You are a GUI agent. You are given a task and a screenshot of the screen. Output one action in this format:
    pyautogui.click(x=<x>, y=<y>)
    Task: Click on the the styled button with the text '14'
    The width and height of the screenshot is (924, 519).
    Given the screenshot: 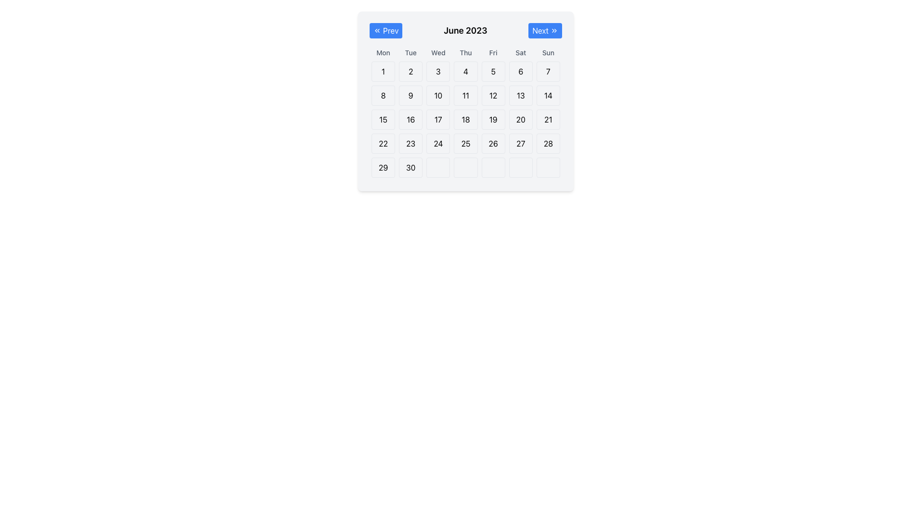 What is the action you would take?
    pyautogui.click(x=548, y=96)
    